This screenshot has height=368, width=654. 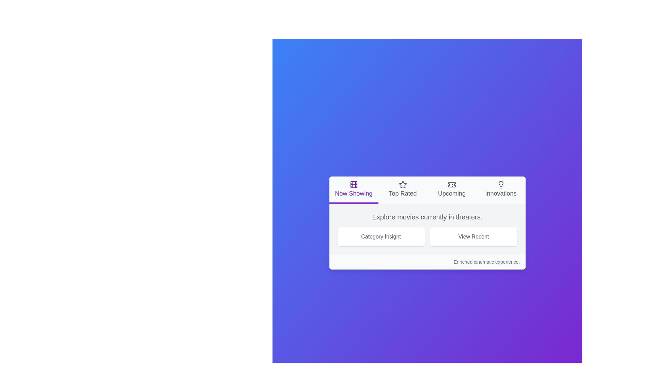 What do you see at coordinates (403, 184) in the screenshot?
I see `the star icon` at bounding box center [403, 184].